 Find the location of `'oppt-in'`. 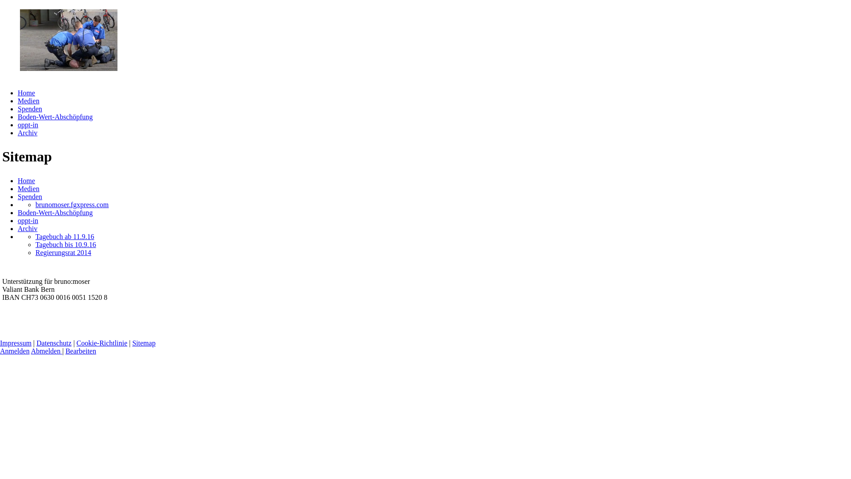

'oppt-in' is located at coordinates (27, 125).